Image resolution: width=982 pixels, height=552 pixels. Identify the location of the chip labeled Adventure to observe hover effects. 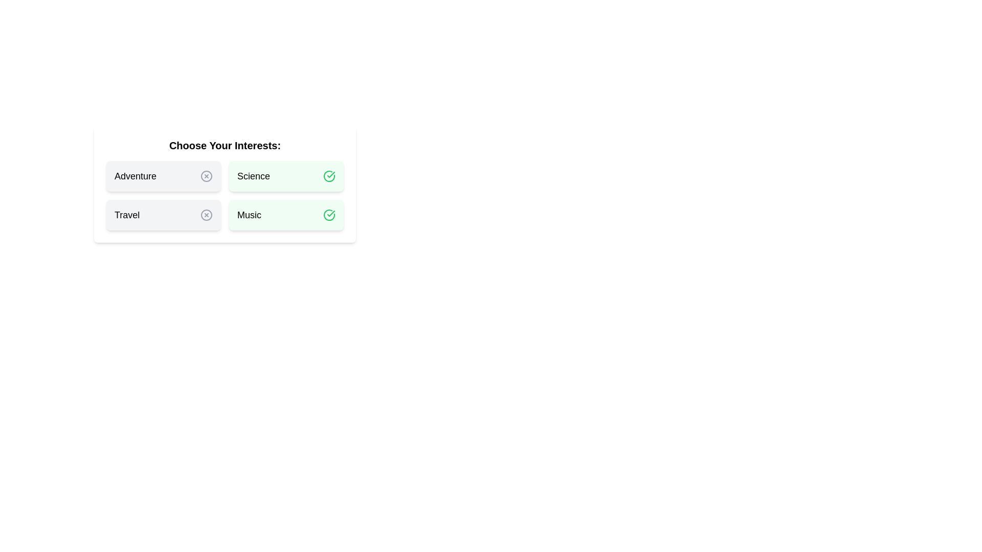
(164, 175).